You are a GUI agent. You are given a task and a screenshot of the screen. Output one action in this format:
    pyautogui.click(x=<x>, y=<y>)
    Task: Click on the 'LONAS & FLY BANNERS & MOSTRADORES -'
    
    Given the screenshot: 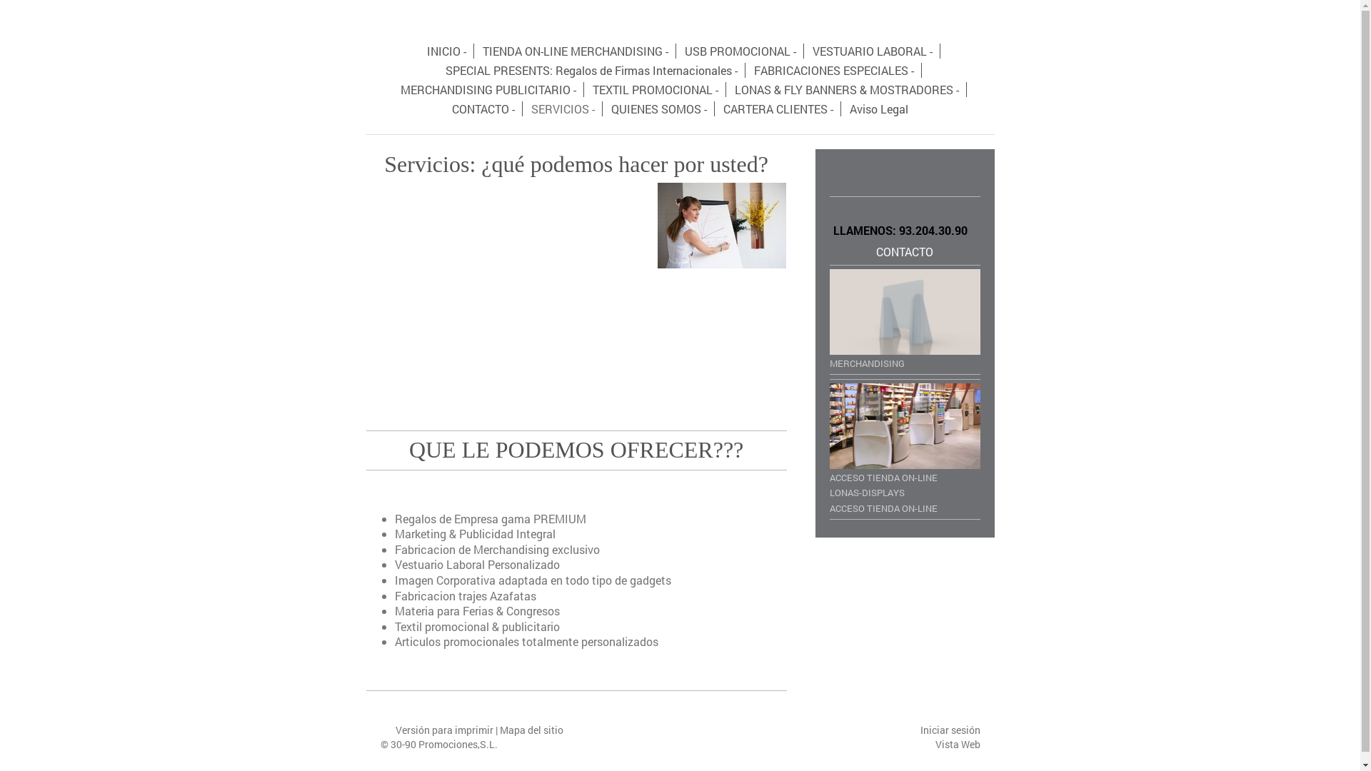 What is the action you would take?
    pyautogui.click(x=847, y=89)
    